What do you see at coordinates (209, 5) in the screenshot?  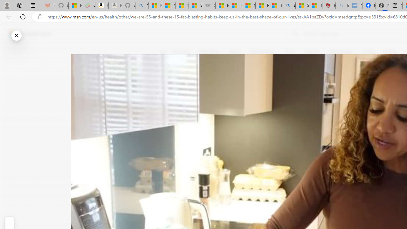 I see `'Combat Siege'` at bounding box center [209, 5].